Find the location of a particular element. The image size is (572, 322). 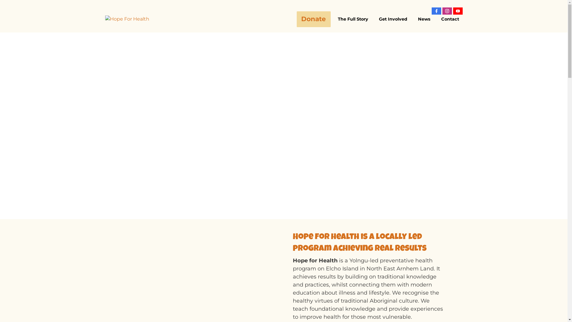

'Donate' is located at coordinates (313, 19).